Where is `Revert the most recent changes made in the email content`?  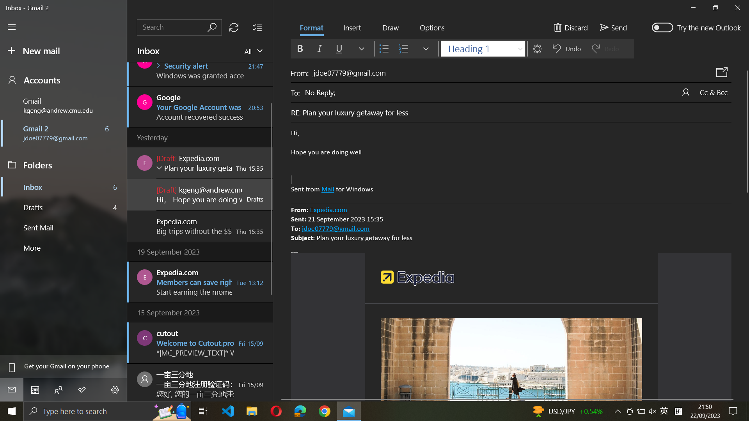 Revert the most recent changes made in the email content is located at coordinates (511, 161).